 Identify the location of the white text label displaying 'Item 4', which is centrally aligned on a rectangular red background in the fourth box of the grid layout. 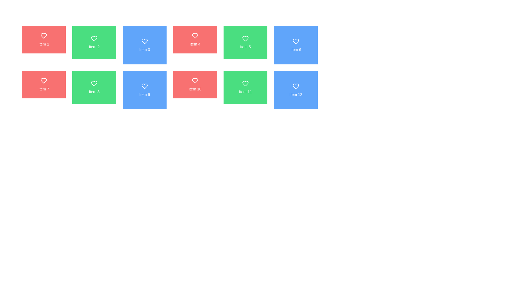
(195, 44).